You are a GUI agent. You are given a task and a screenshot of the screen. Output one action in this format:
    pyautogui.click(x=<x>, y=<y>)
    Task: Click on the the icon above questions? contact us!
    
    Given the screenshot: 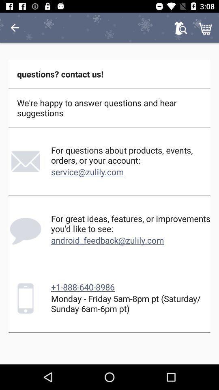 What is the action you would take?
    pyautogui.click(x=206, y=28)
    